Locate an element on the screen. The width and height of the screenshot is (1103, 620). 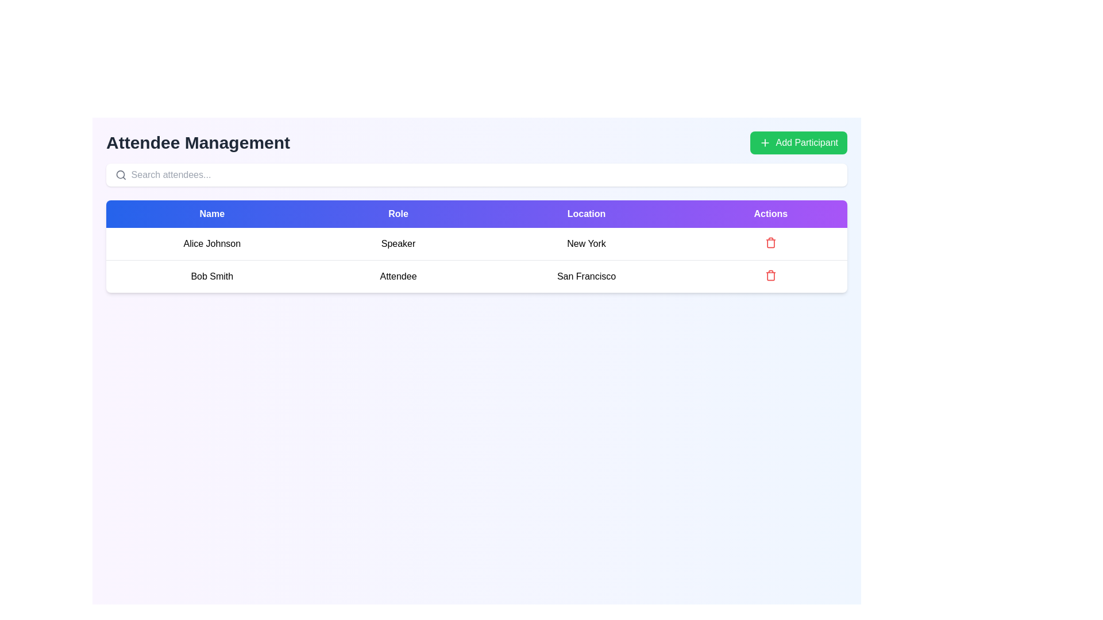
the static text field displaying the name 'Alice Johnson', which is located in the first row of the table under the 'Name' column is located at coordinates (212, 243).